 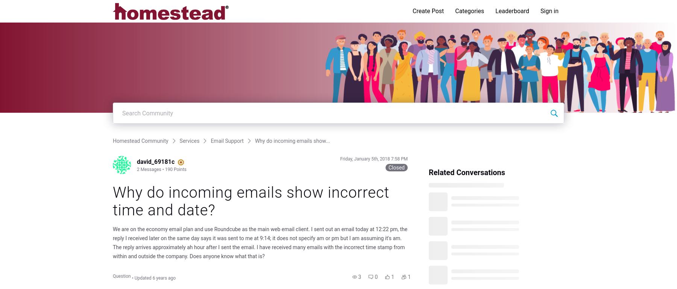 I want to click on 'Points', so click(x=179, y=169).